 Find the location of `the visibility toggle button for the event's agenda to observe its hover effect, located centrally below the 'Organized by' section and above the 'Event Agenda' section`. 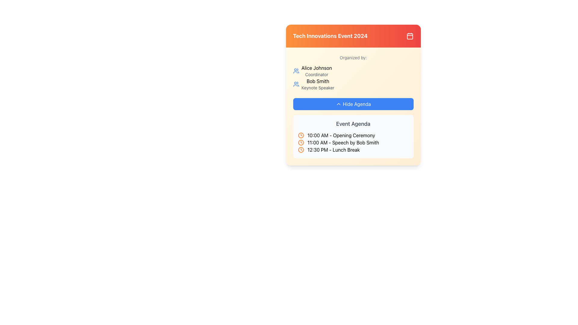

the visibility toggle button for the event's agenda to observe its hover effect, located centrally below the 'Organized by' section and above the 'Event Agenda' section is located at coordinates (353, 106).